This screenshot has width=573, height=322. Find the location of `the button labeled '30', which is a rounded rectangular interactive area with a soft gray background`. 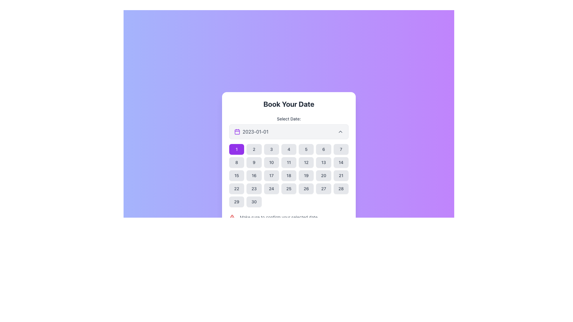

the button labeled '30', which is a rounded rectangular interactive area with a soft gray background is located at coordinates (254, 202).